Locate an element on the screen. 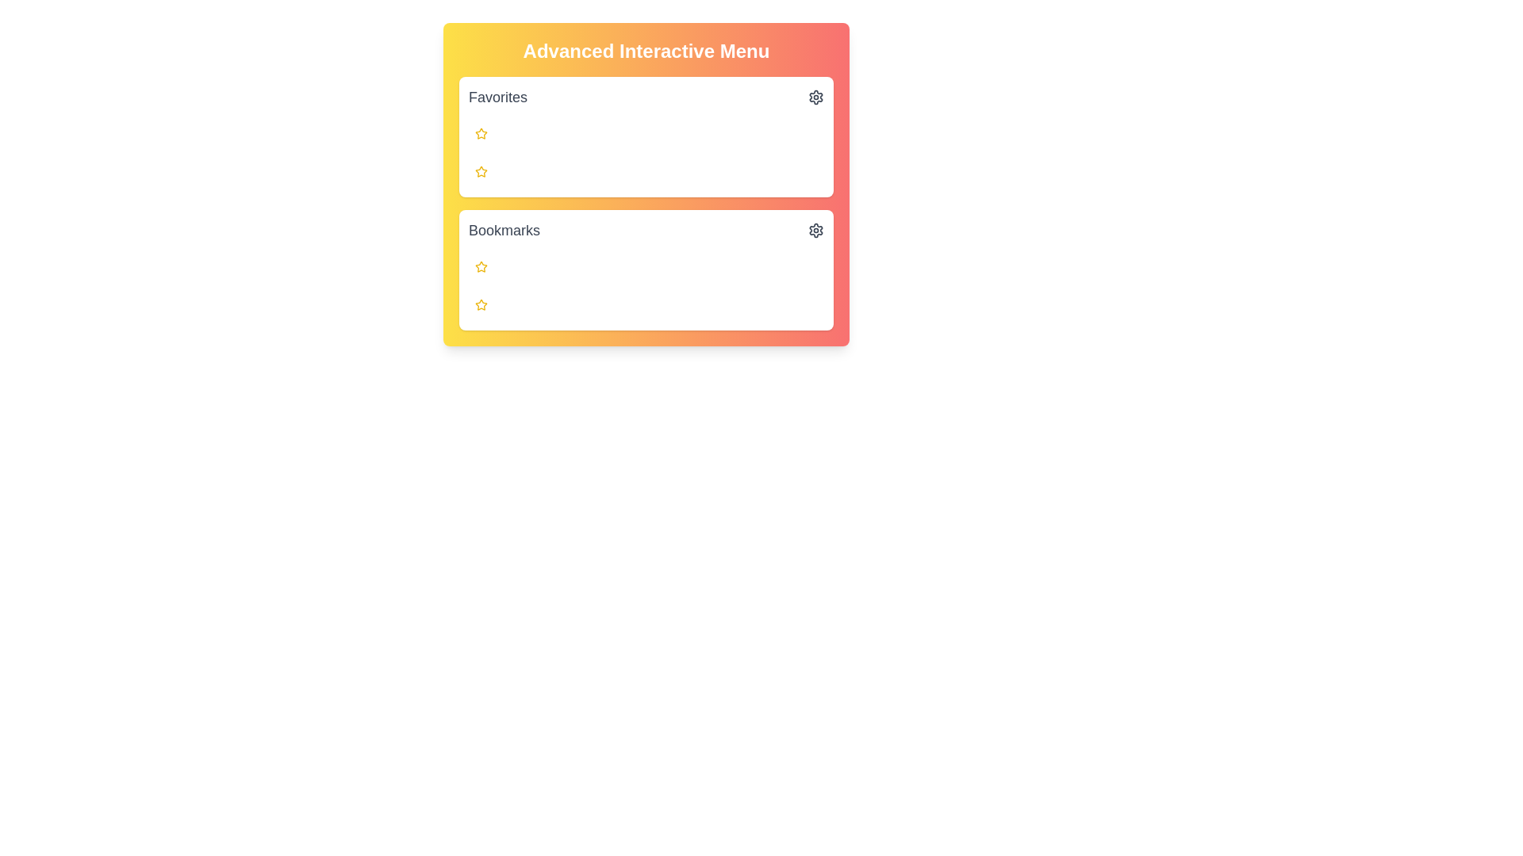 The width and height of the screenshot is (1523, 856). the settings icon in the Bookmarks section is located at coordinates (815, 230).